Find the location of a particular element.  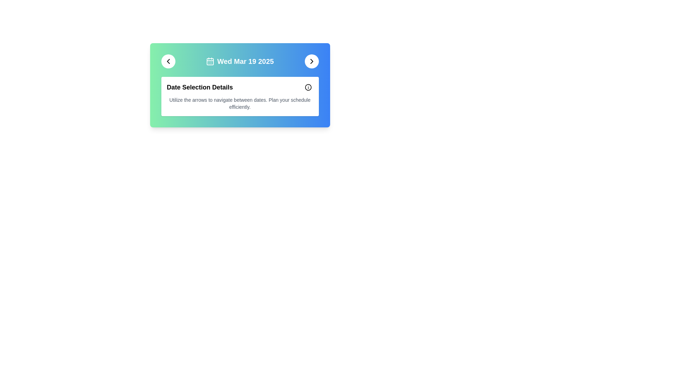

the small circular button with a white fill and a black rightward-pointing chevron icon to change its visual state is located at coordinates (311, 61).